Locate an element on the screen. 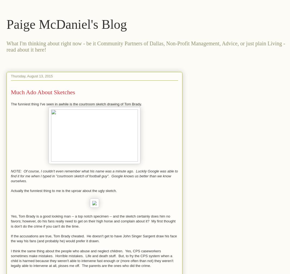 The width and height of the screenshot is (290, 274). 'What I'm thinking about right now - be it Community Partners of Dallas, Non-Profit Management, Advice, or just plain Living - read about it here!' is located at coordinates (145, 46).